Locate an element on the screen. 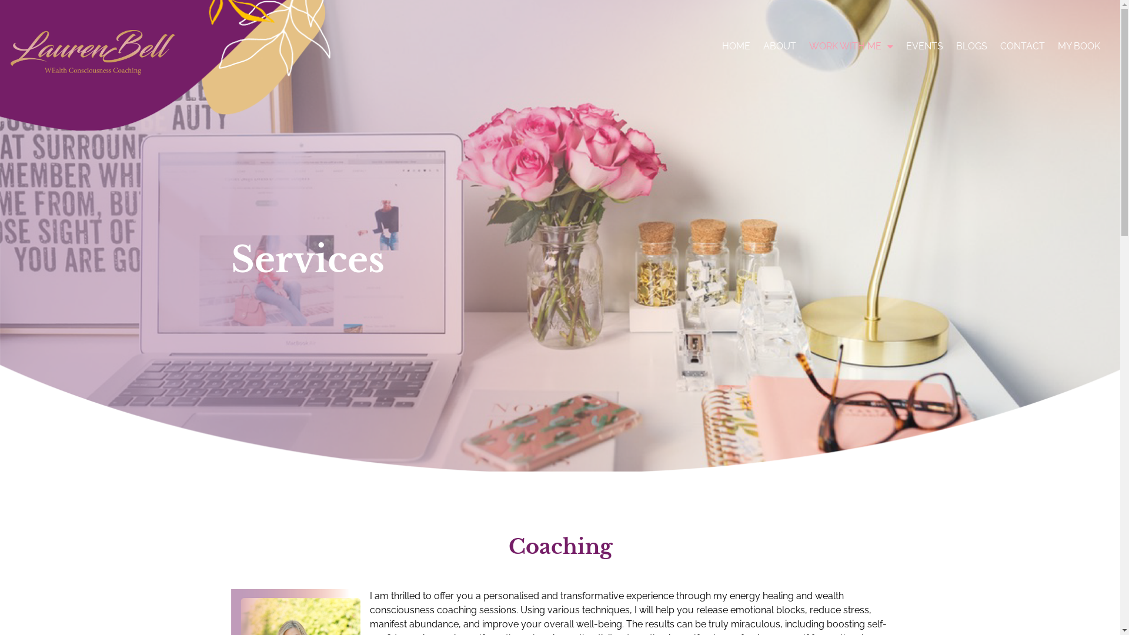 This screenshot has width=1129, height=635. 'WORK WITH ME' is located at coordinates (851, 45).